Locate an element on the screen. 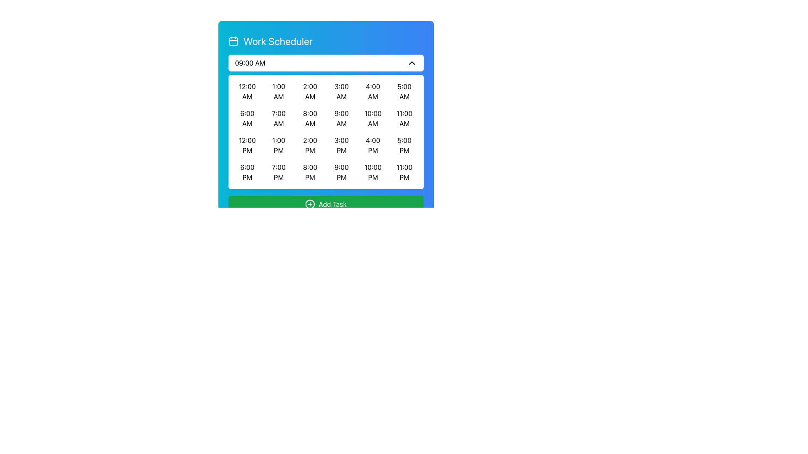 The height and width of the screenshot is (454, 808). the sixth time slot button in the second row of the grid under 'Work Scheduler' is located at coordinates (372, 118).